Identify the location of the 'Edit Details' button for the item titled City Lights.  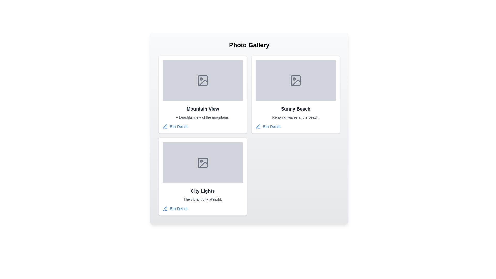
(175, 208).